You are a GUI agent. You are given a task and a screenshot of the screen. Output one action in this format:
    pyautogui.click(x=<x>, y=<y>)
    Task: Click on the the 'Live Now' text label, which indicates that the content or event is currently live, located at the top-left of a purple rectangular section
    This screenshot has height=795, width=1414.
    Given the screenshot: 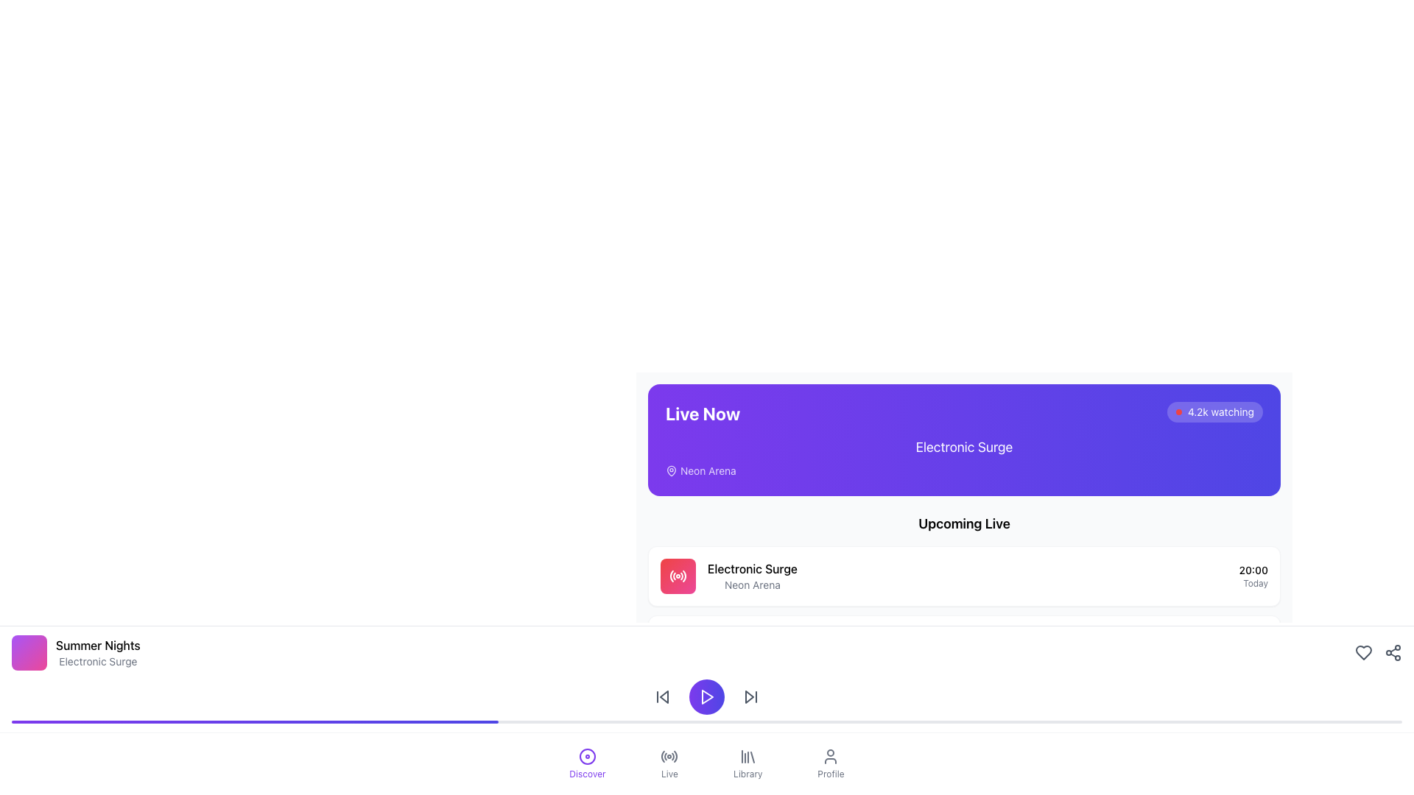 What is the action you would take?
    pyautogui.click(x=702, y=414)
    